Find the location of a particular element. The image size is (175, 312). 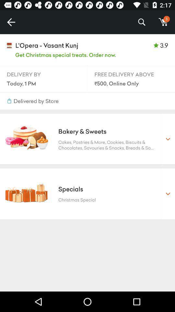

m icon is located at coordinates (163, 22).